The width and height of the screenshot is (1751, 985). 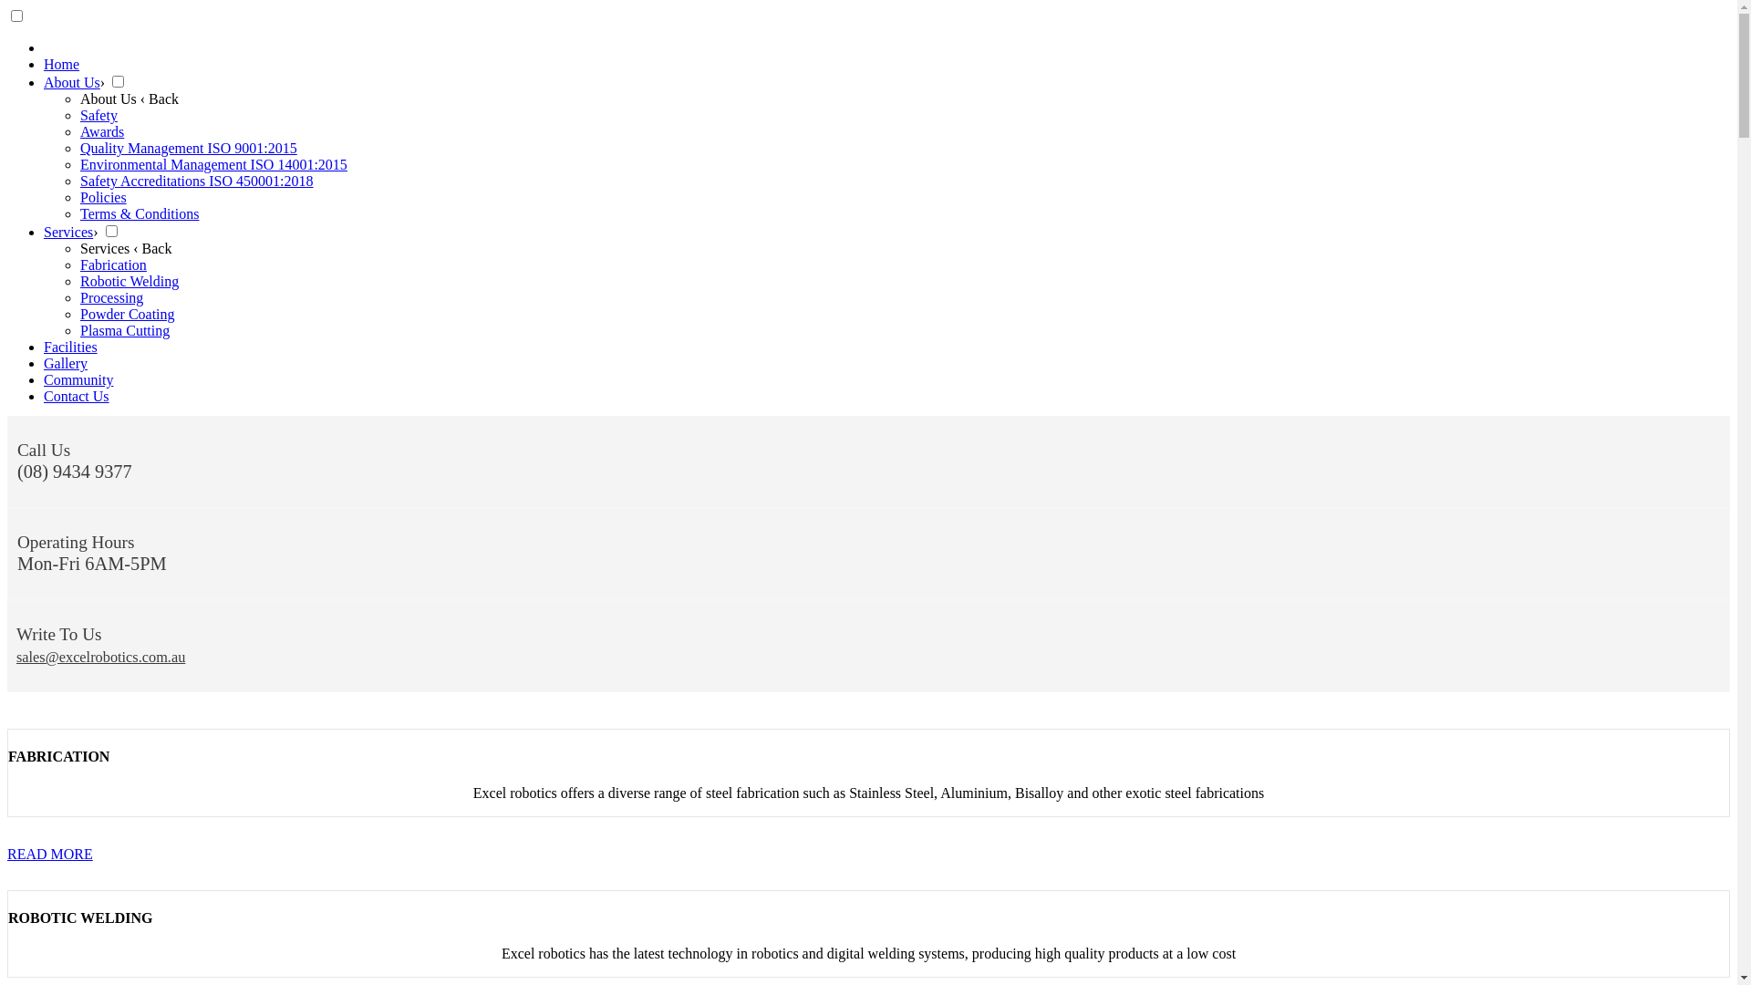 I want to click on 'Terms & Conditions', so click(x=139, y=213).